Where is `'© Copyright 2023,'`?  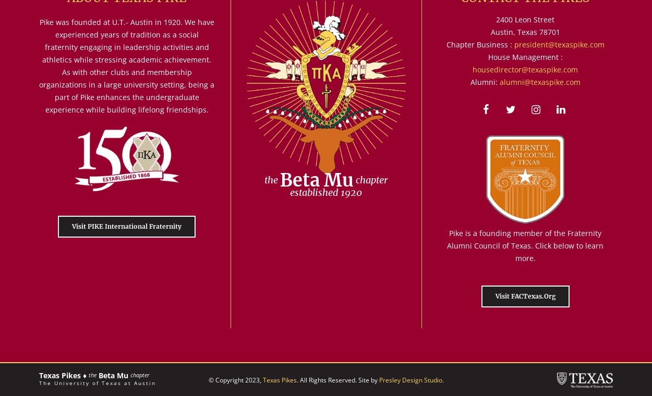
'© Copyright 2023,' is located at coordinates (235, 379).